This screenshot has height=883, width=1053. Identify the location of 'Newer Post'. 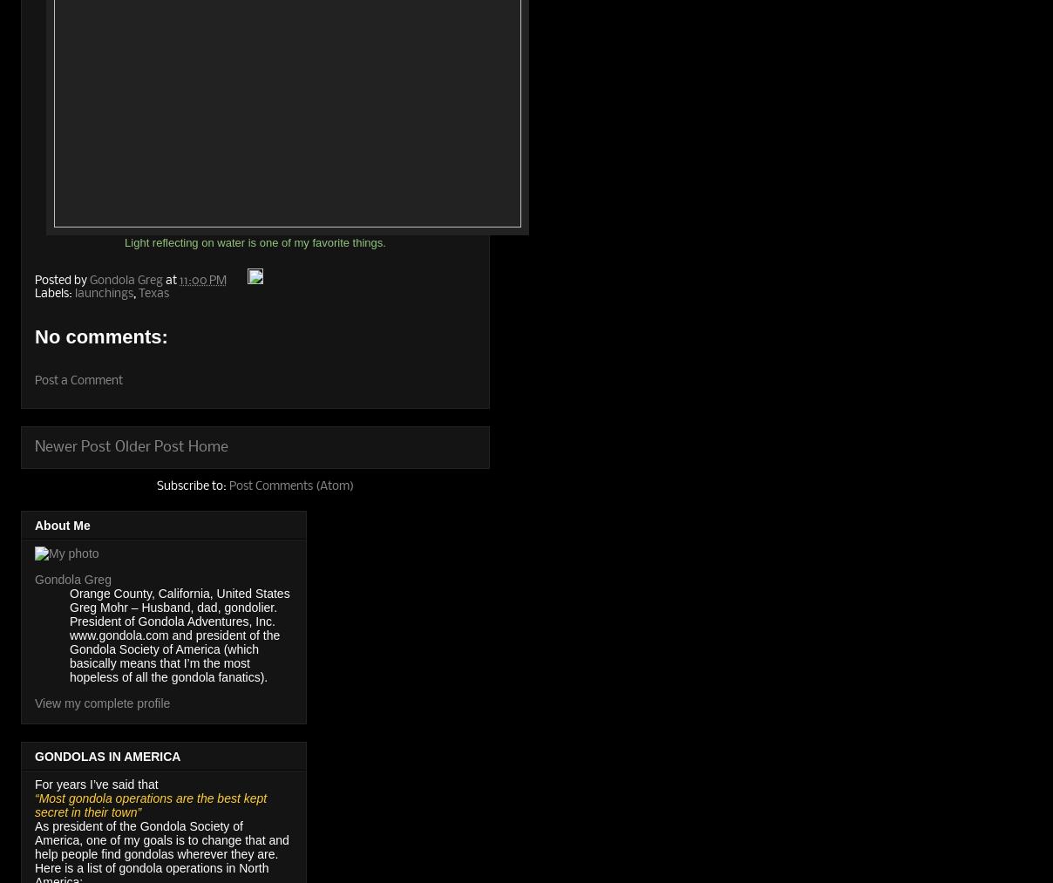
(71, 446).